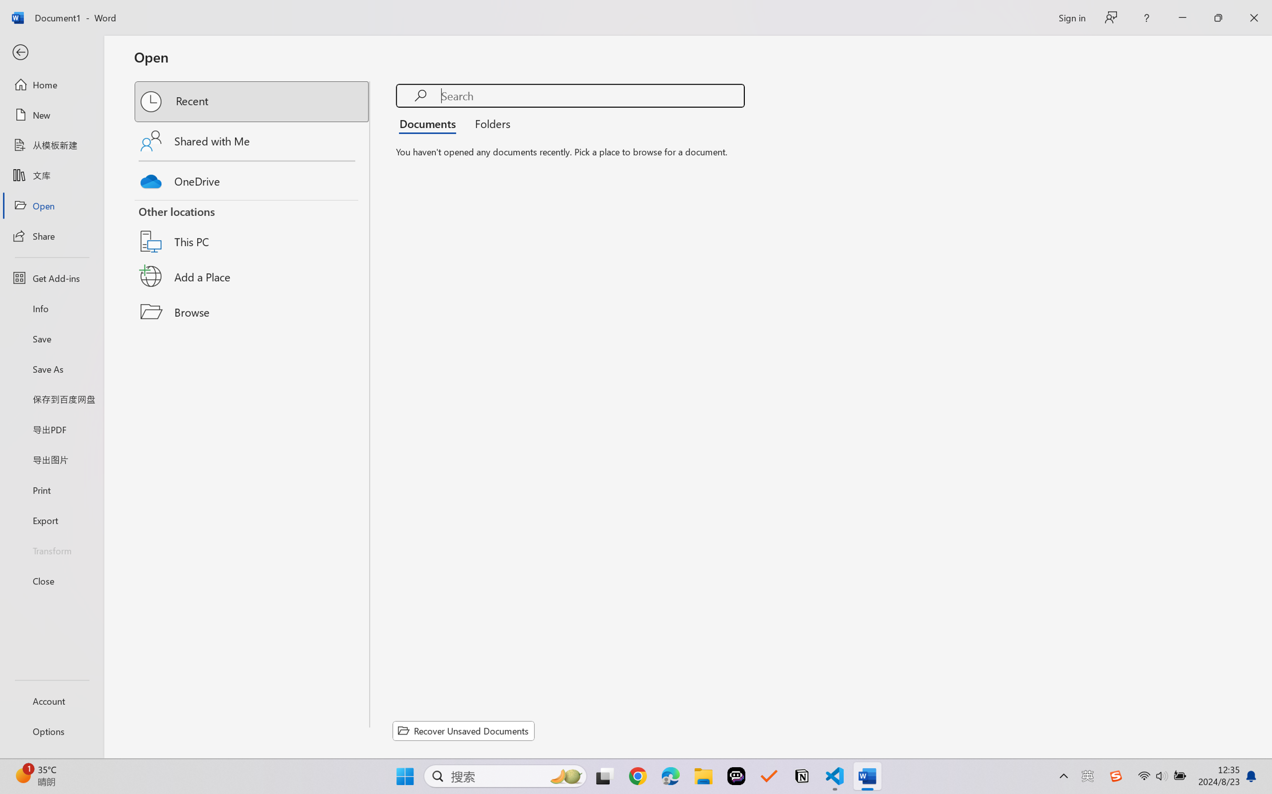 The image size is (1272, 794). What do you see at coordinates (252, 311) in the screenshot?
I see `'Browse'` at bounding box center [252, 311].